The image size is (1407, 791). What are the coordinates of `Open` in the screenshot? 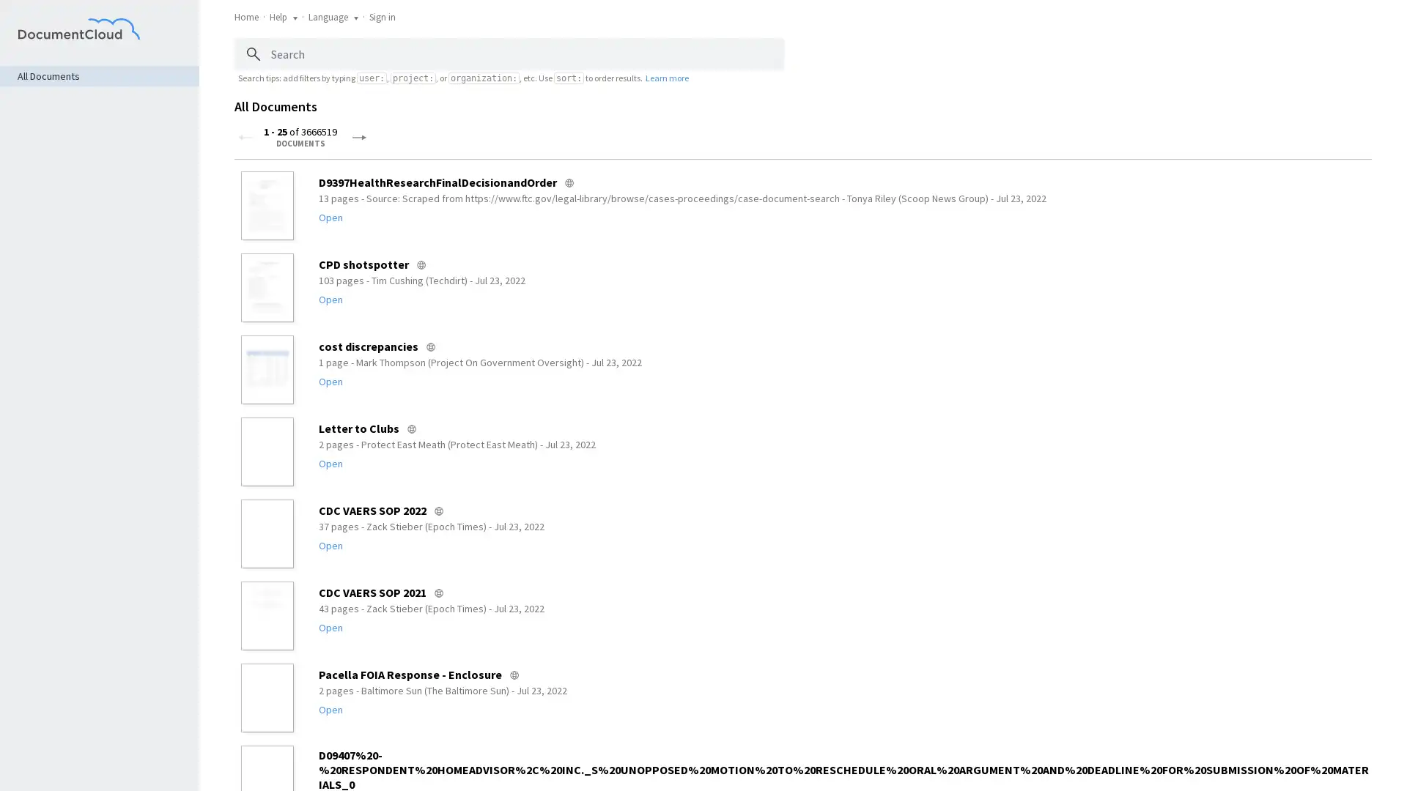 It's located at (330, 463).